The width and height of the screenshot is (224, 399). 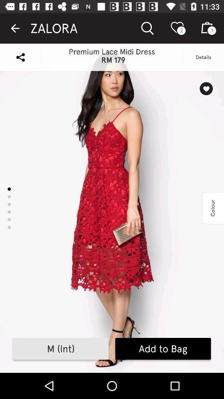 I want to click on icon next to add to bag icon, so click(x=60, y=349).